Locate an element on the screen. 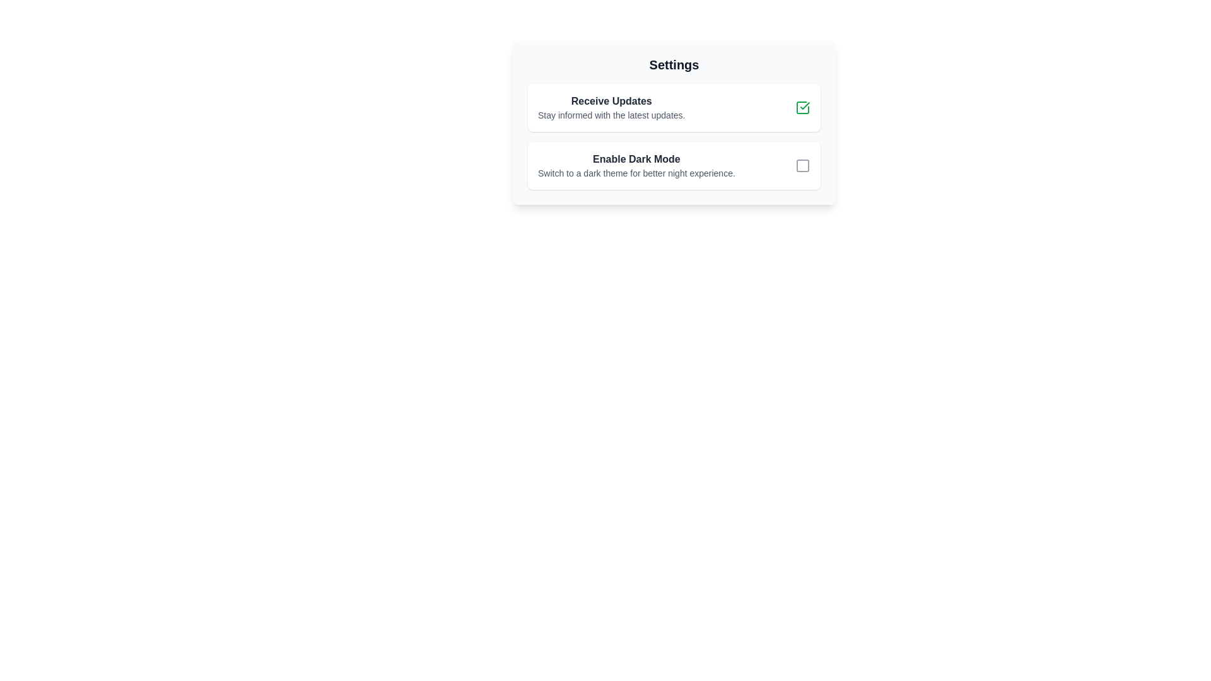 This screenshot has height=681, width=1211. the checkbox in the 'Enable Dark Mode' list item is located at coordinates (674, 165).